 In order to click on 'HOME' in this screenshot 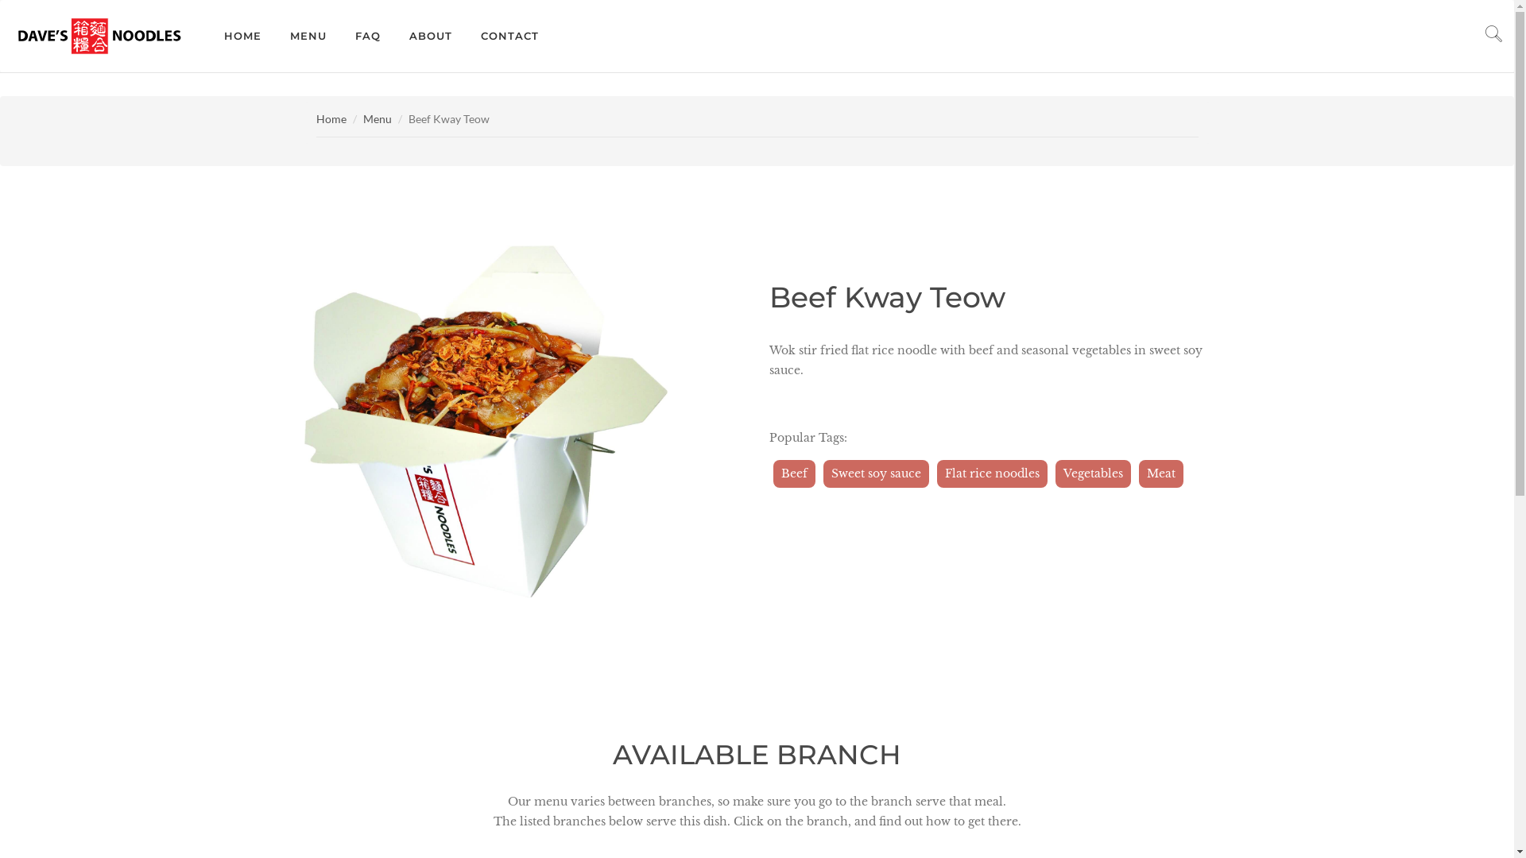, I will do `click(242, 36)`.